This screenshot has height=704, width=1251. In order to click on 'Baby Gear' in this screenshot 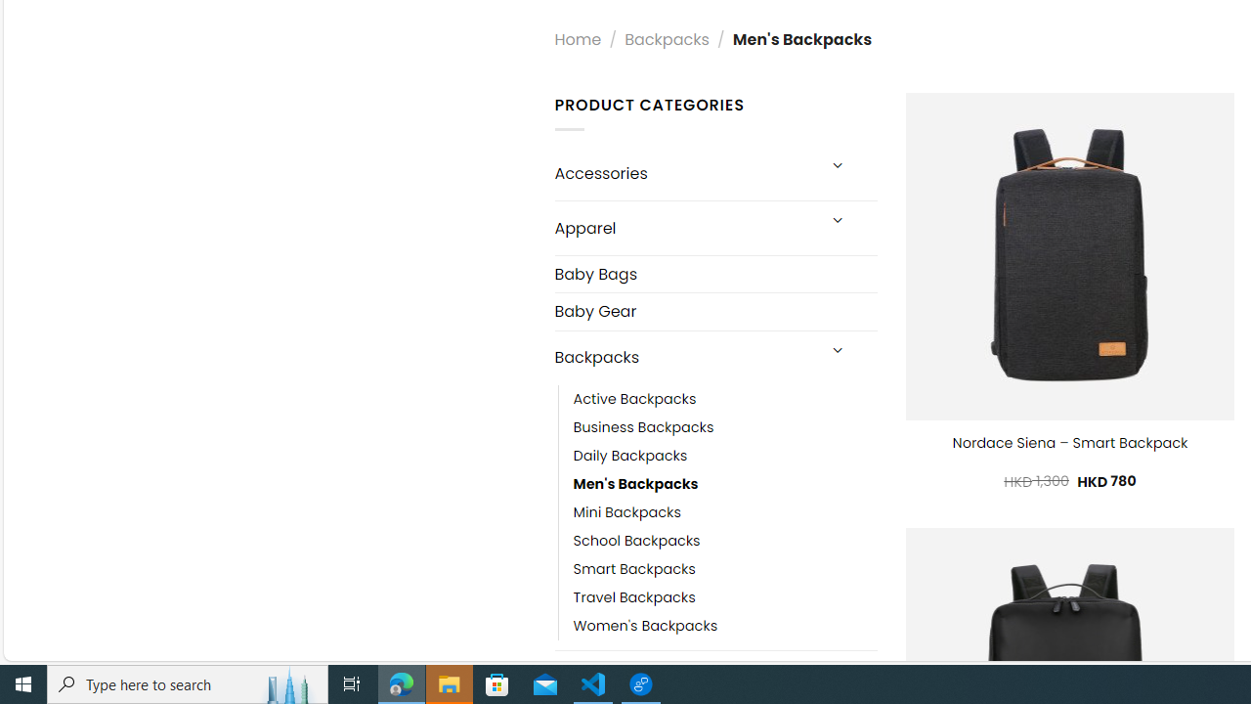, I will do `click(714, 310)`.